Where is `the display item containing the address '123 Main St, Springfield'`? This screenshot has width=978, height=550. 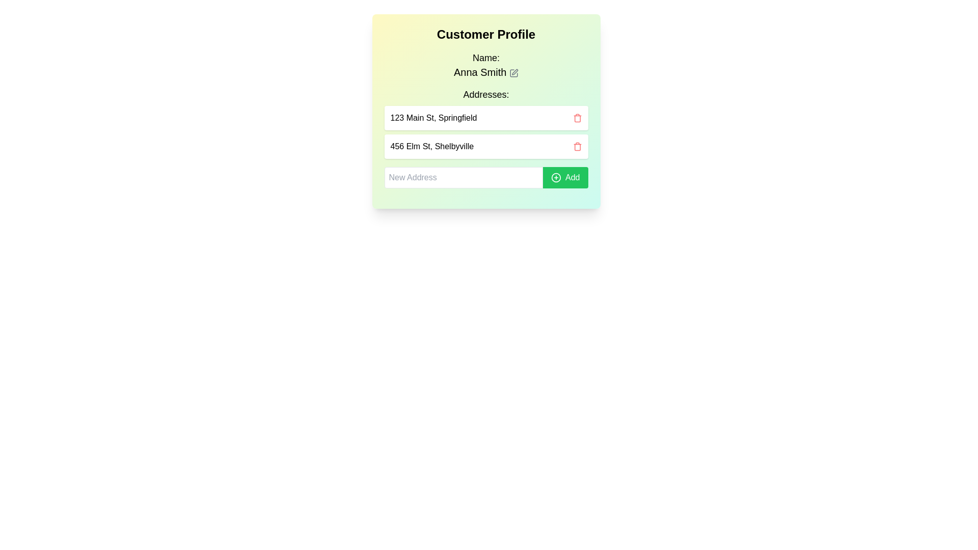 the display item containing the address '123 Main St, Springfield' is located at coordinates (485, 117).